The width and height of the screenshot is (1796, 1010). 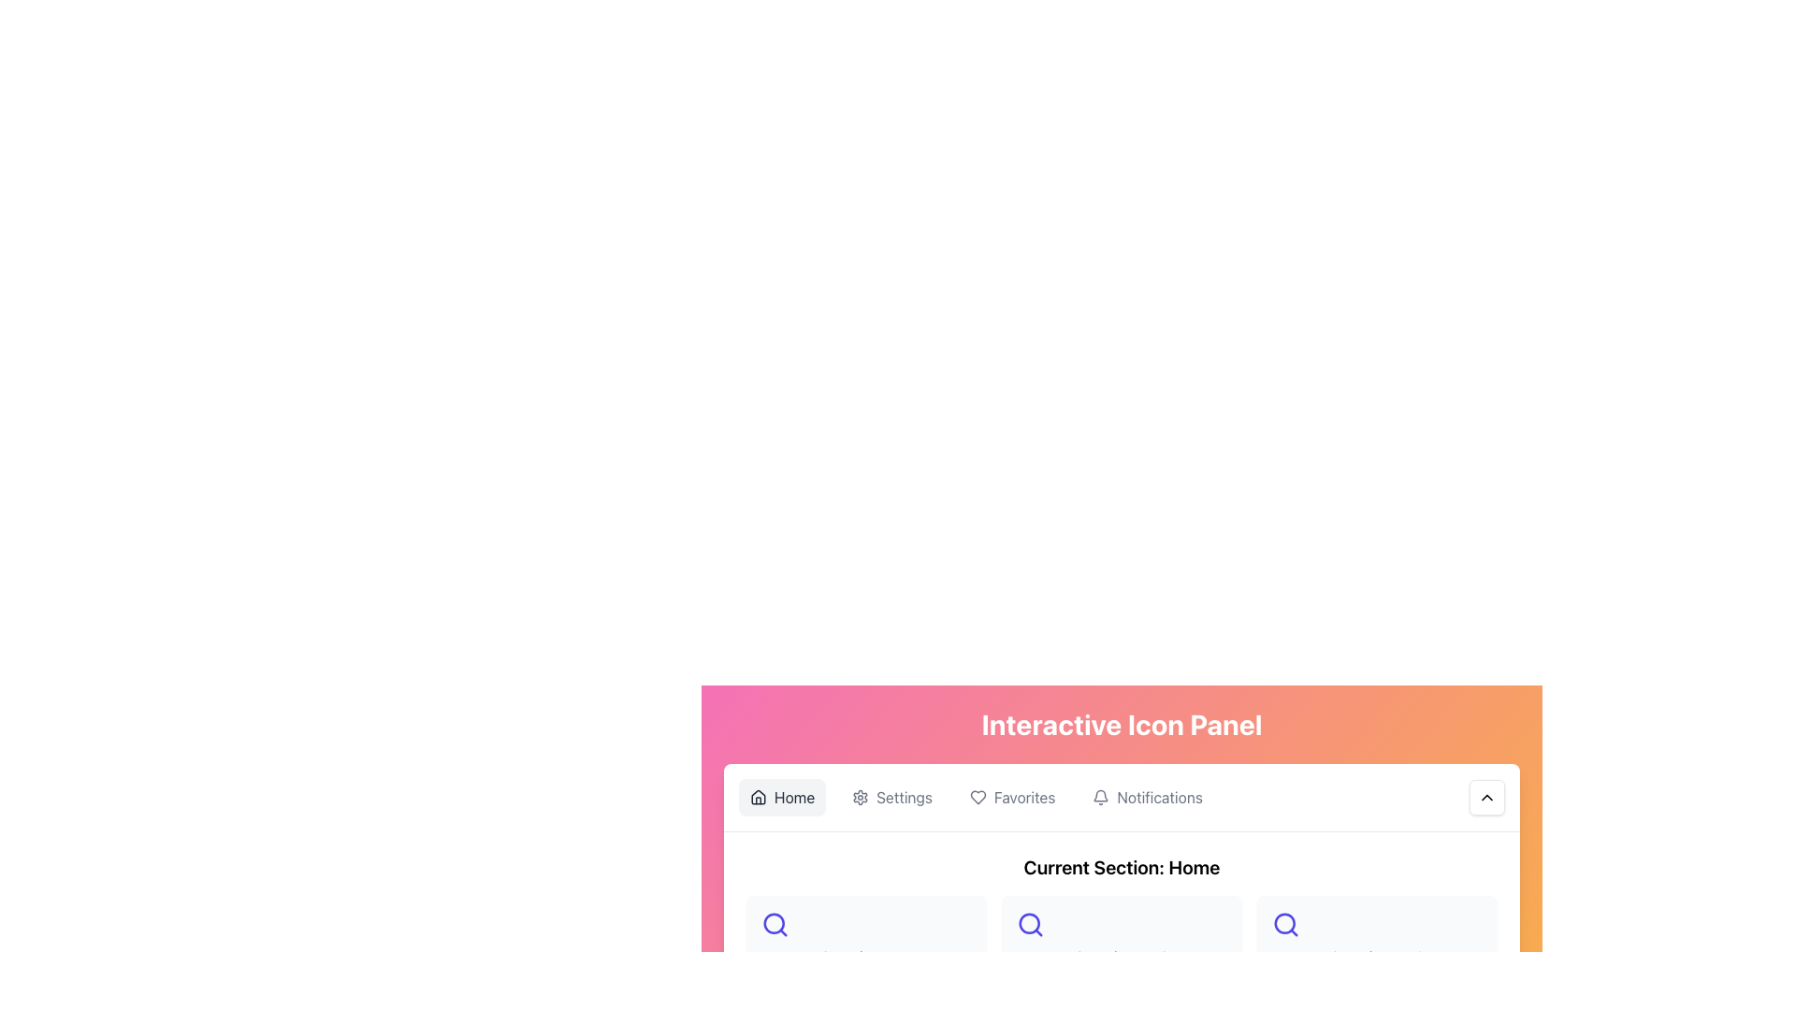 I want to click on the settings icon in the horizontal navigation bar, so click(x=860, y=797).